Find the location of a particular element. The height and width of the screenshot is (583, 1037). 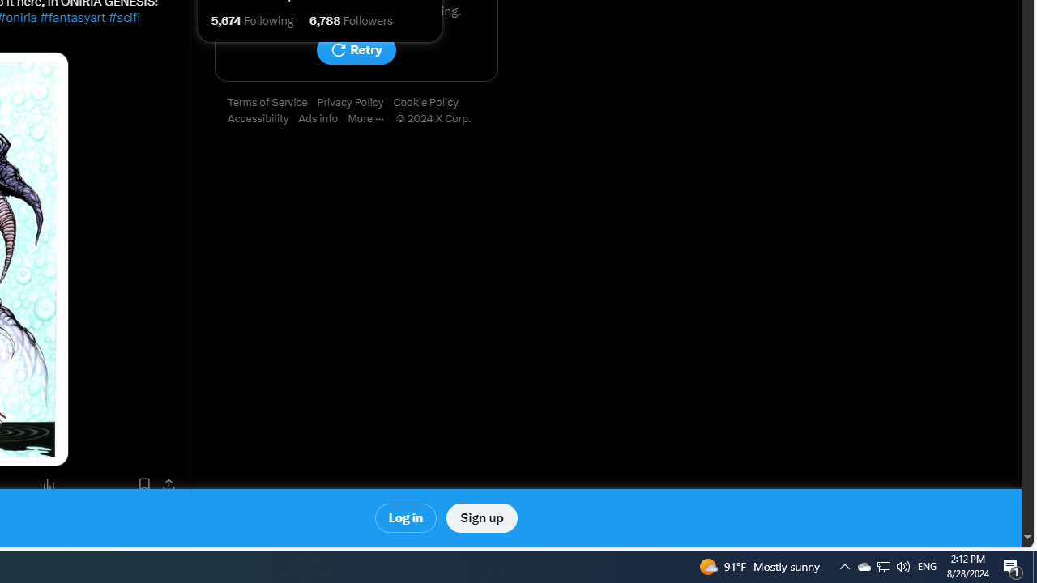

'Bookmark' is located at coordinates (143, 483).